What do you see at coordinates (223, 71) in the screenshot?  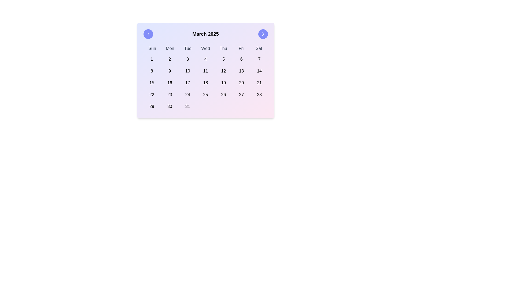 I see `the square-shaped button with a light purple background displaying the number '12' in bold black font` at bounding box center [223, 71].